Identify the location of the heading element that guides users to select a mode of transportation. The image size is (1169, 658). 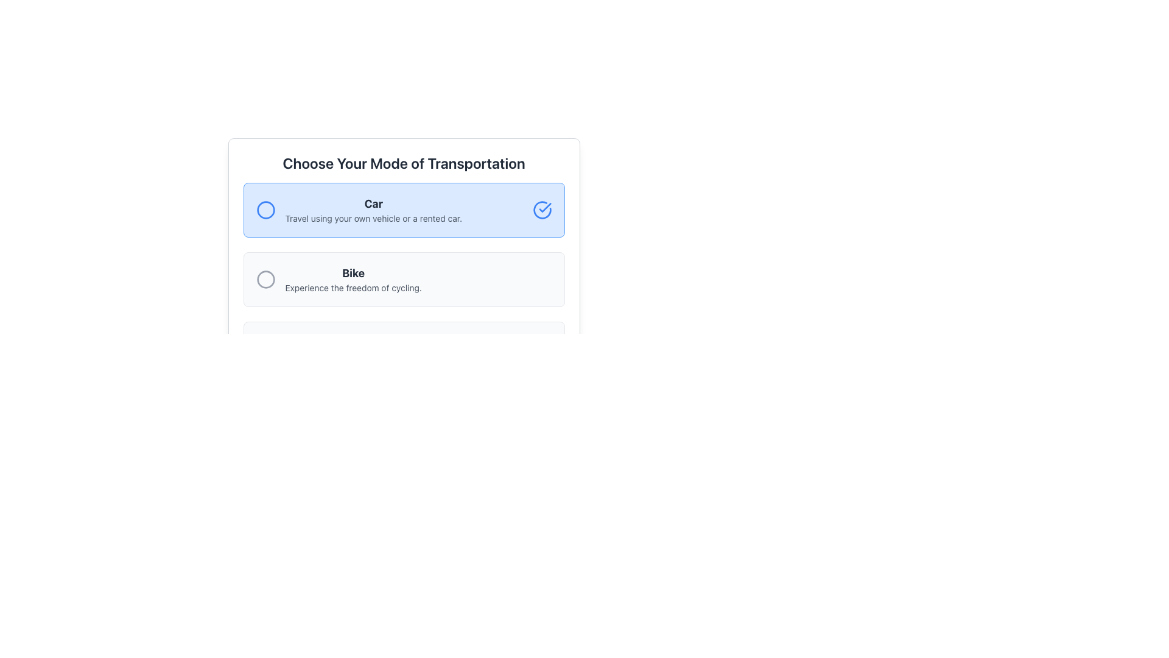
(404, 162).